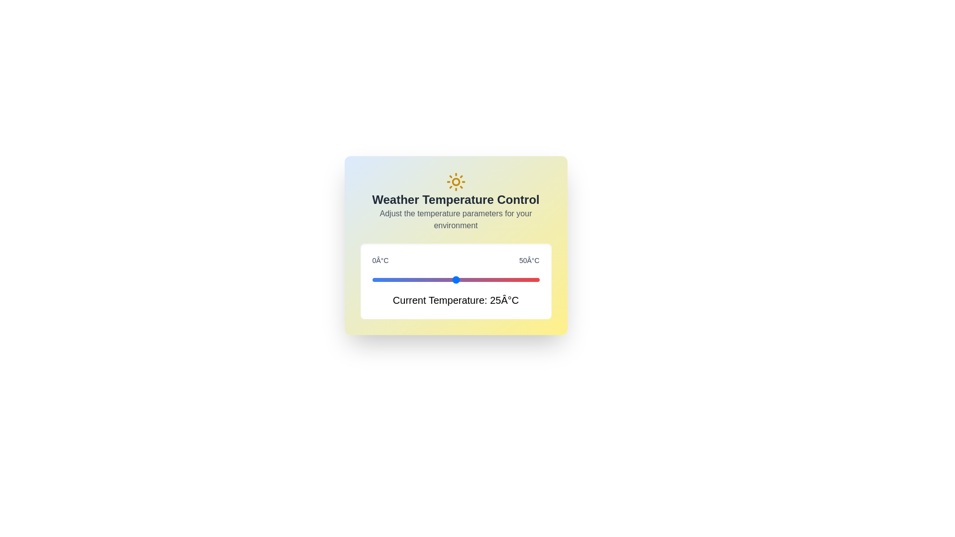  Describe the element at coordinates (479, 280) in the screenshot. I see `the temperature to 32°C using the slider` at that location.